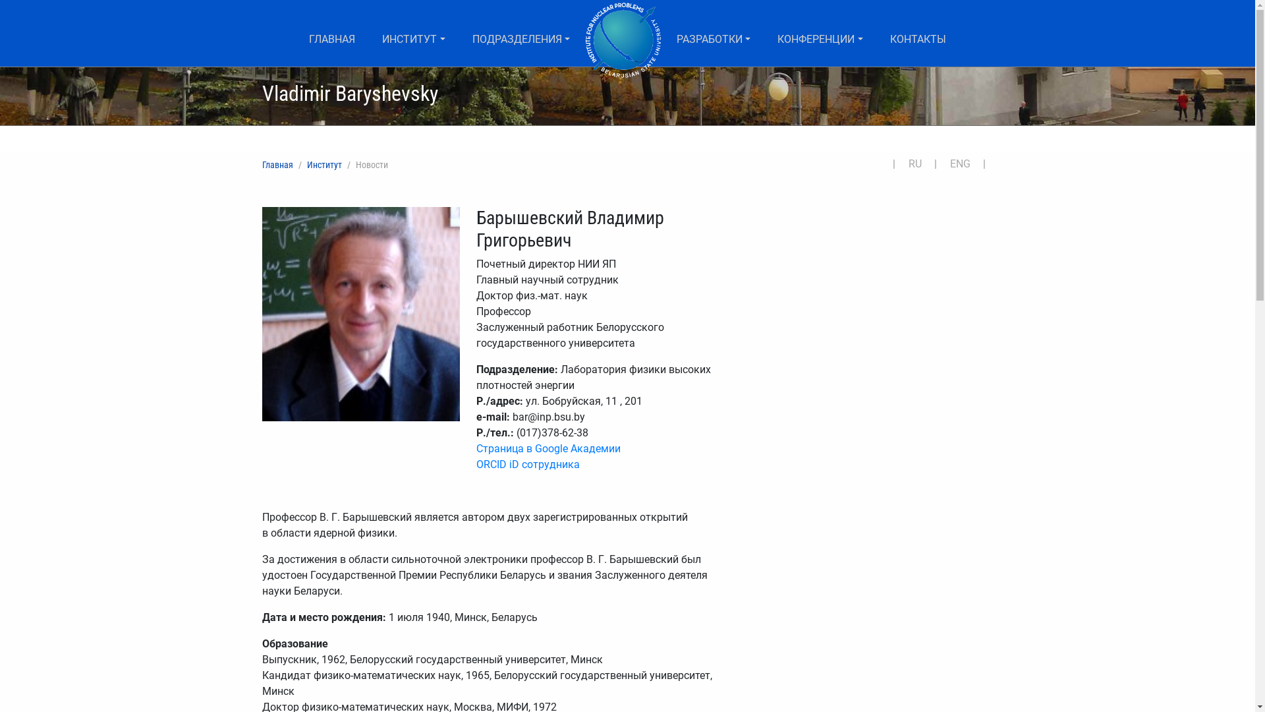 The height and width of the screenshot is (712, 1265). I want to click on 'ENG', so click(965, 163).